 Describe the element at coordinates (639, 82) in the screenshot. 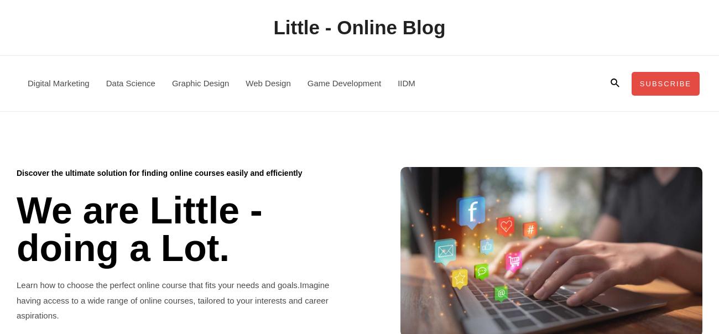

I see `'Subscribe'` at that location.